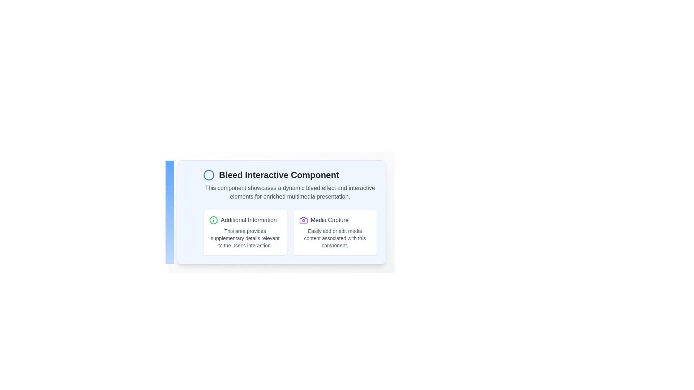 The image size is (694, 390). What do you see at coordinates (329, 220) in the screenshot?
I see `the text label reading 'Media Capture' which is styled with a gray font color and located next to a purple camera icon in the right information card below the 'Bleed Interactive Component' title section` at bounding box center [329, 220].